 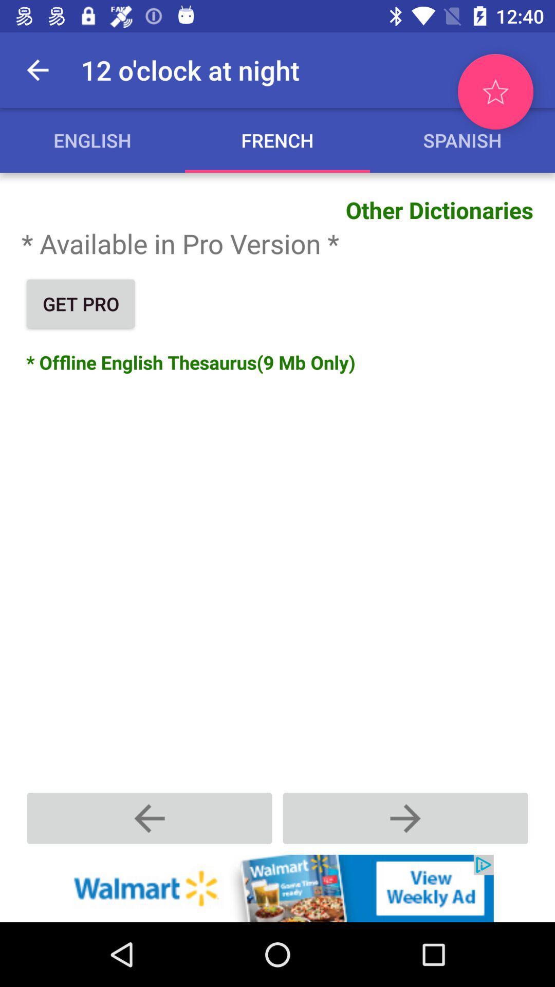 What do you see at coordinates (149, 817) in the screenshot?
I see `previous button` at bounding box center [149, 817].